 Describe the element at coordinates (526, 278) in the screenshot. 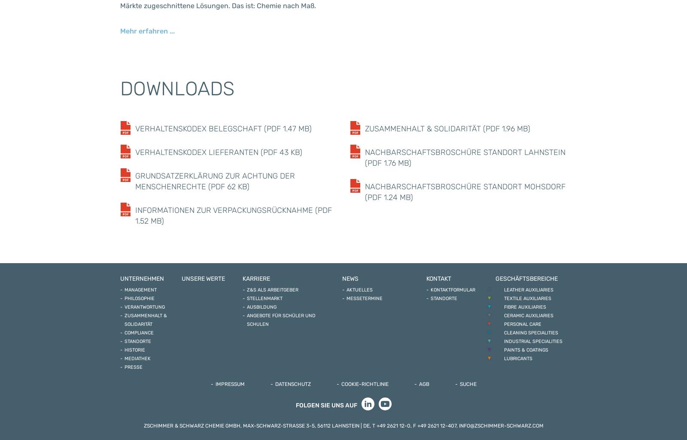

I see `'Geschäftsbereiche'` at that location.